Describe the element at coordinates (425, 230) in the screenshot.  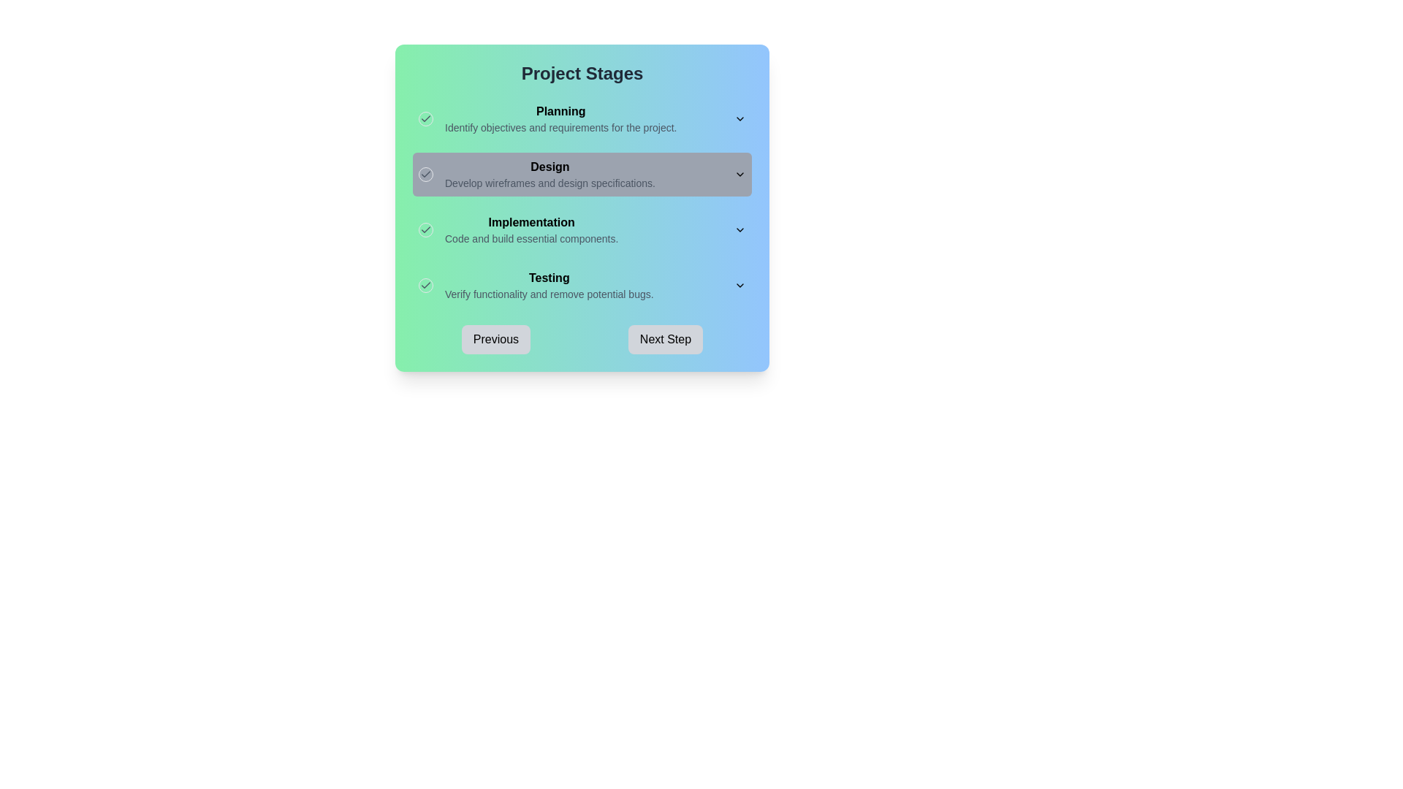
I see `the small circular icon with a green check mark on a light green background, located to the left of the 'Implementation' text in the 'Project Stages' section` at that location.